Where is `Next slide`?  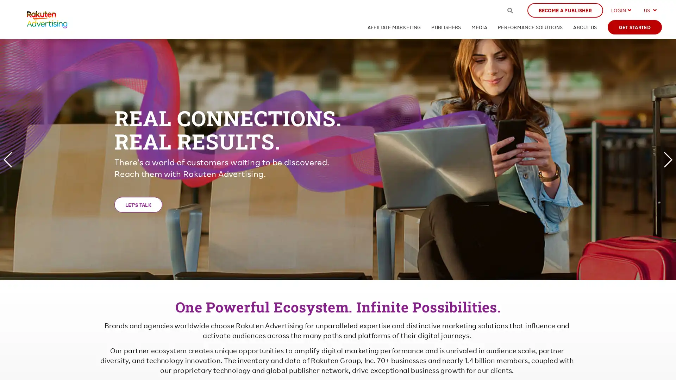
Next slide is located at coordinates (667, 159).